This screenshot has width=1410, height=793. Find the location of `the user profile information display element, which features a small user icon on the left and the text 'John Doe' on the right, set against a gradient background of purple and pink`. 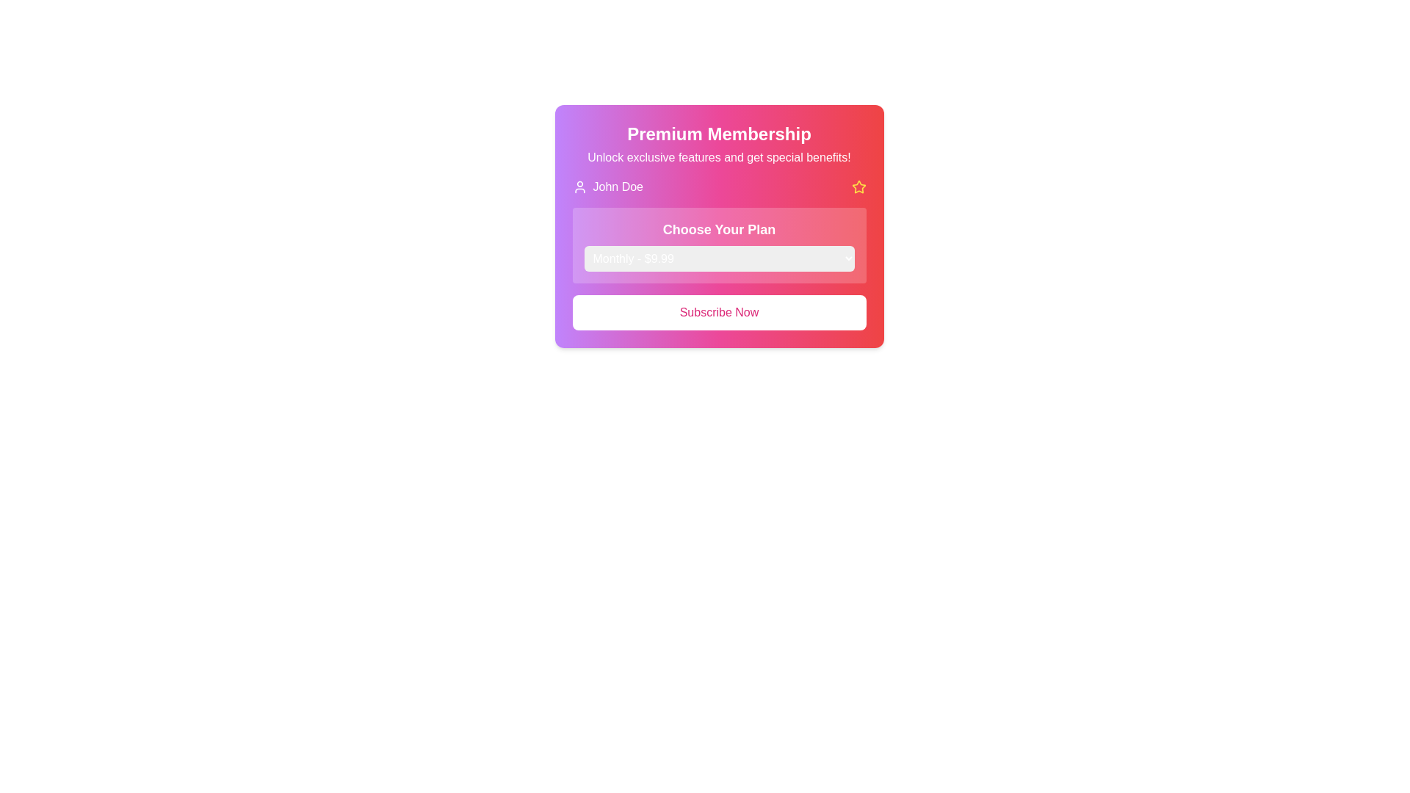

the user profile information display element, which features a small user icon on the left and the text 'John Doe' on the right, set against a gradient background of purple and pink is located at coordinates (607, 186).